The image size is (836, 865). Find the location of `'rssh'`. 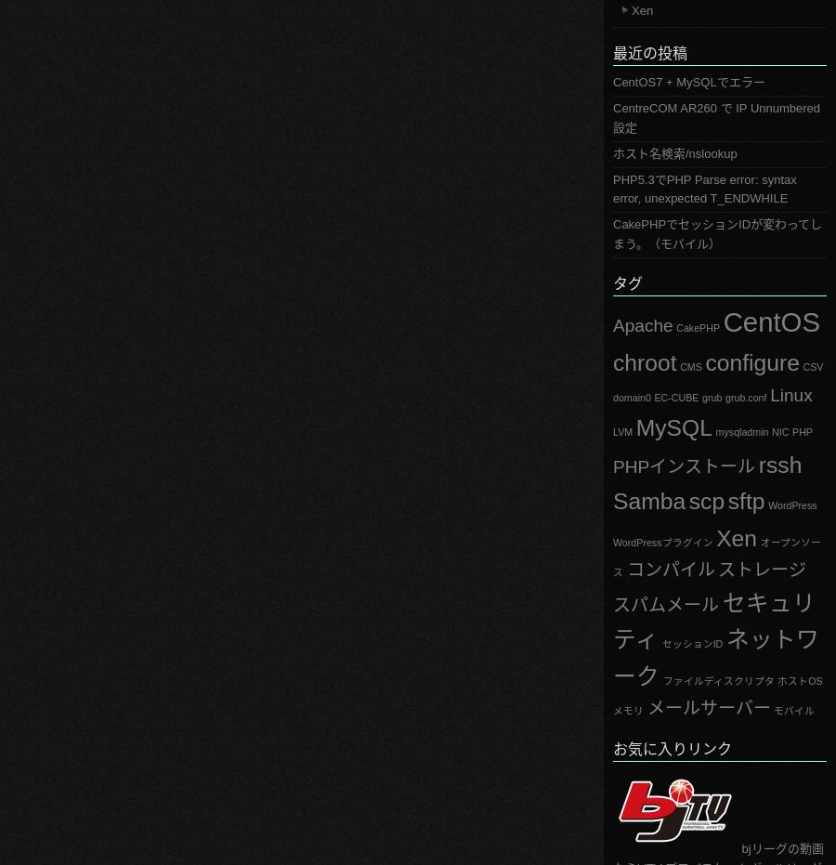

'rssh' is located at coordinates (758, 464).